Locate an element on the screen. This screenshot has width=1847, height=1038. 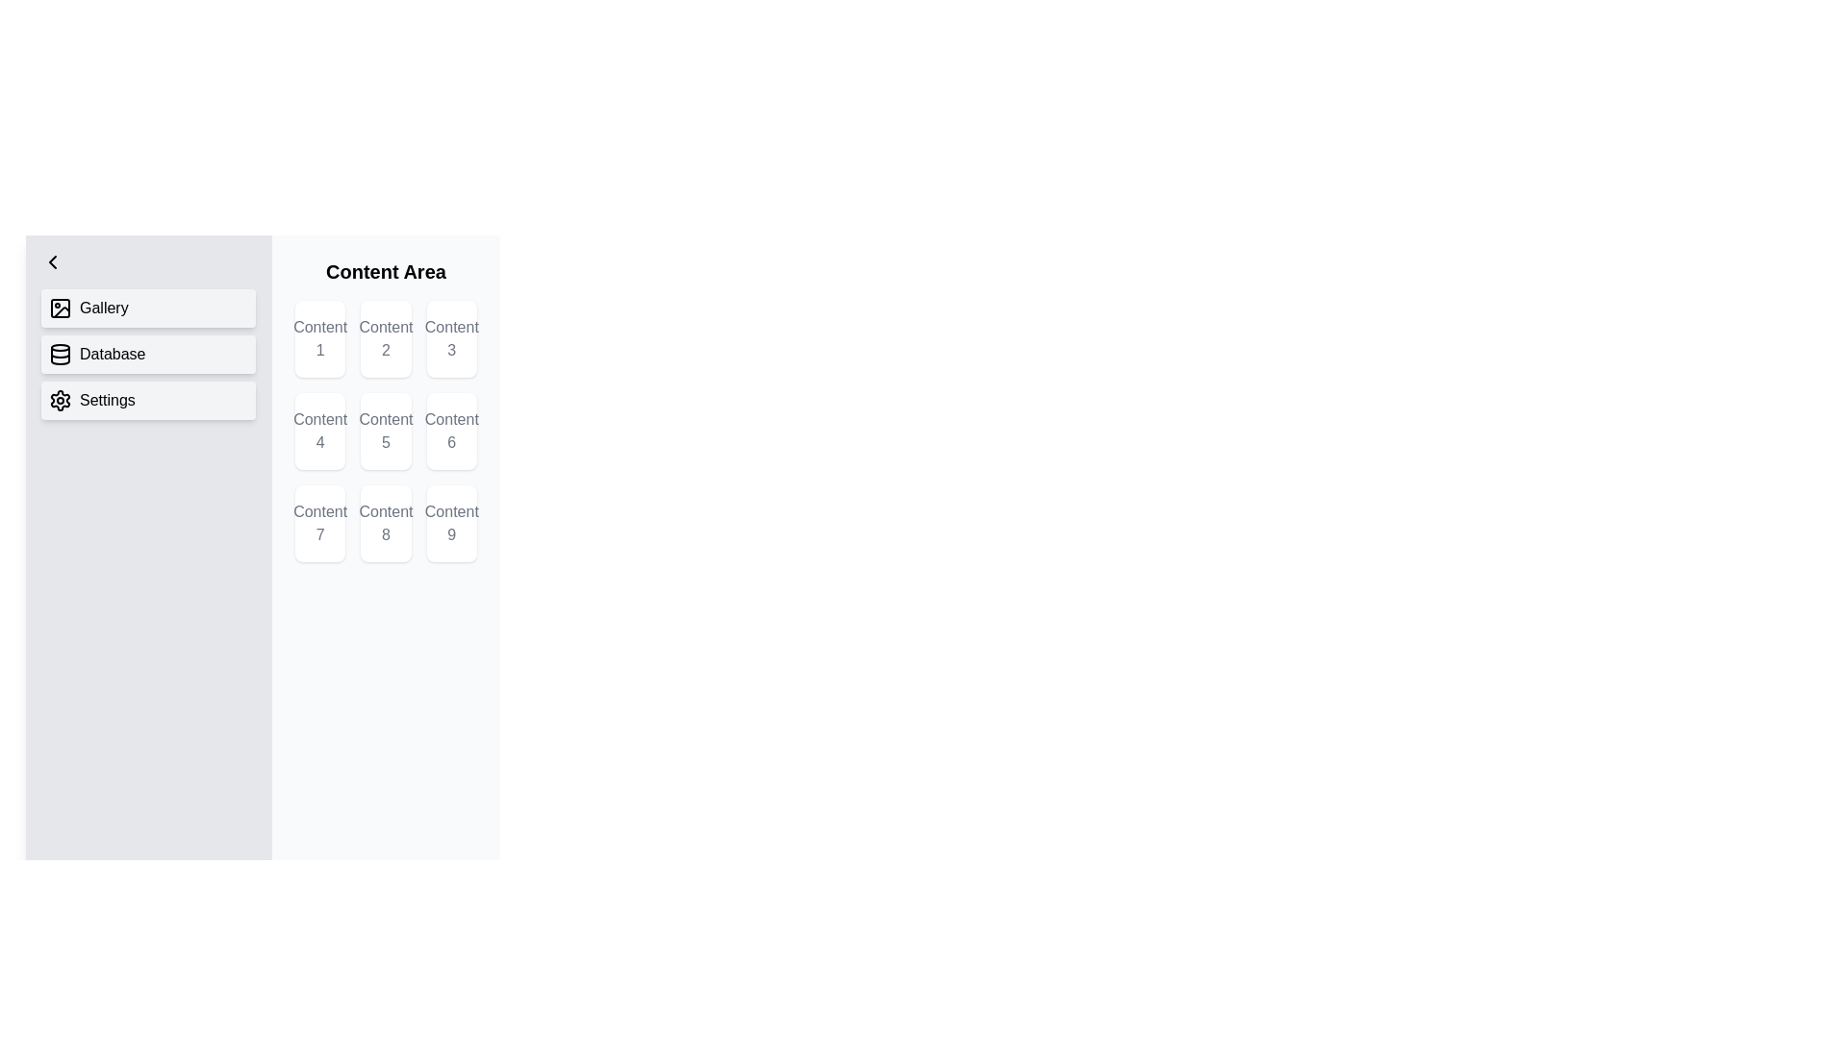
the white, rounded rectangle Label or Placeholder containing the text 'Content 6' is located at coordinates (450, 430).